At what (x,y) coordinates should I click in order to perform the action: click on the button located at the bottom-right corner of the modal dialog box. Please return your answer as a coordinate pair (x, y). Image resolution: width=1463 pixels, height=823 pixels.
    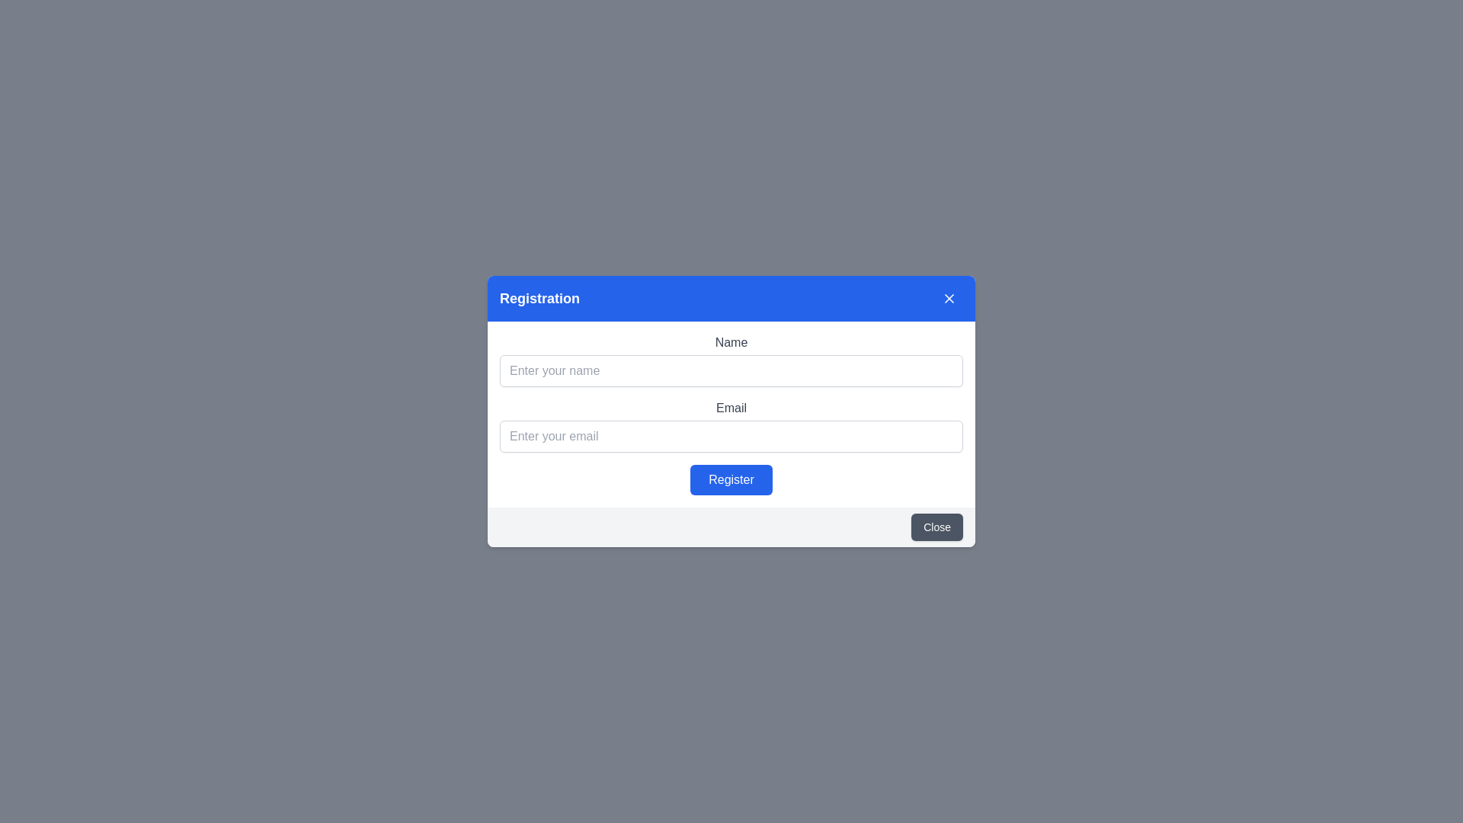
    Looking at the image, I should click on (936, 526).